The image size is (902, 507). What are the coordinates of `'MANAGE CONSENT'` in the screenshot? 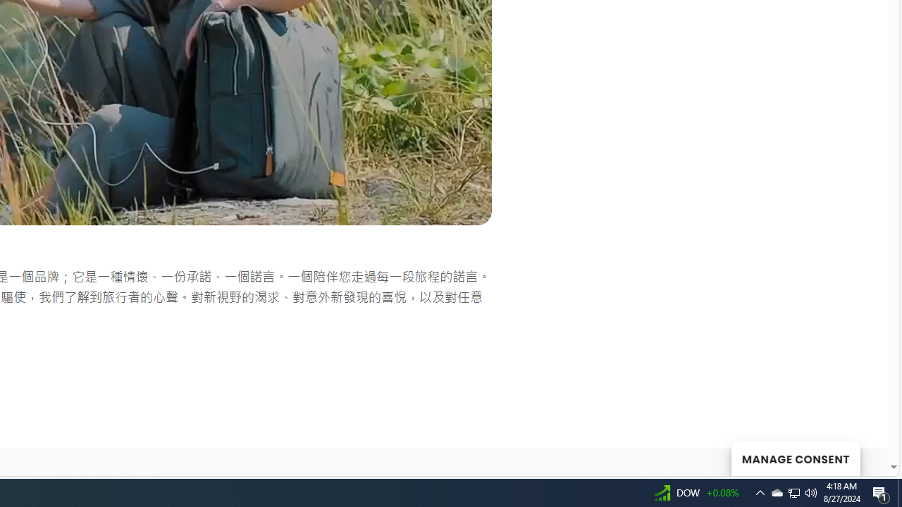 It's located at (795, 458).